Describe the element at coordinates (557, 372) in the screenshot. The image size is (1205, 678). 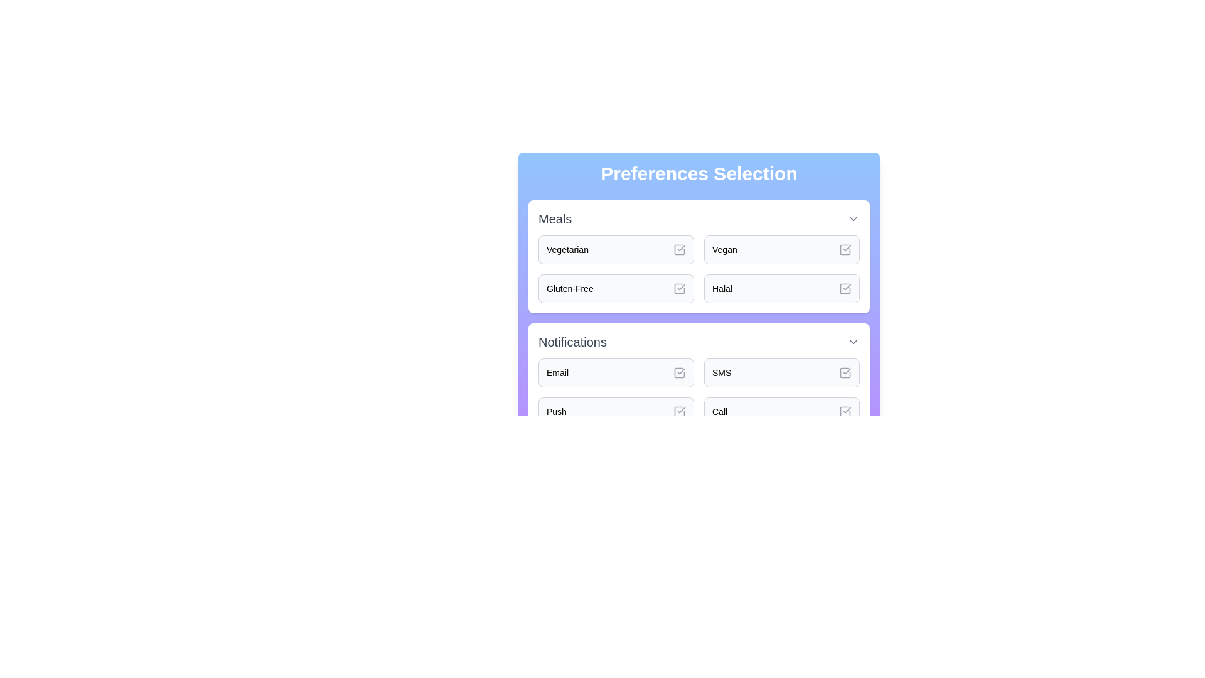
I see `the 'Email' text label located in the 'Notifications' section, which is styled with a smaller font size and medium font weight, positioned in a button-like structure within a grid layout` at that location.